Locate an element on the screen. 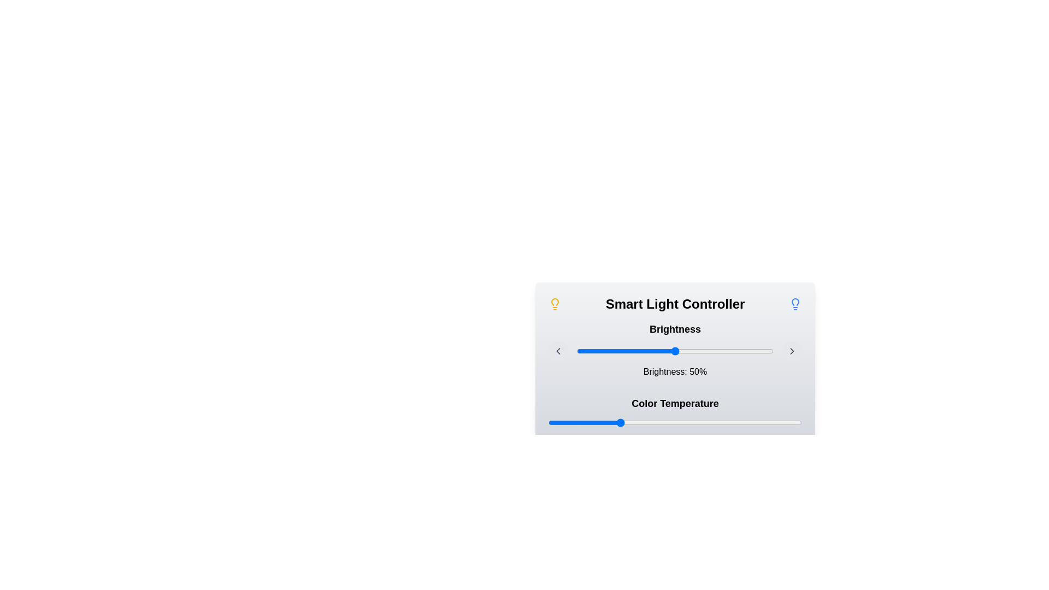 The width and height of the screenshot is (1049, 590). the color temperature is located at coordinates (605, 422).